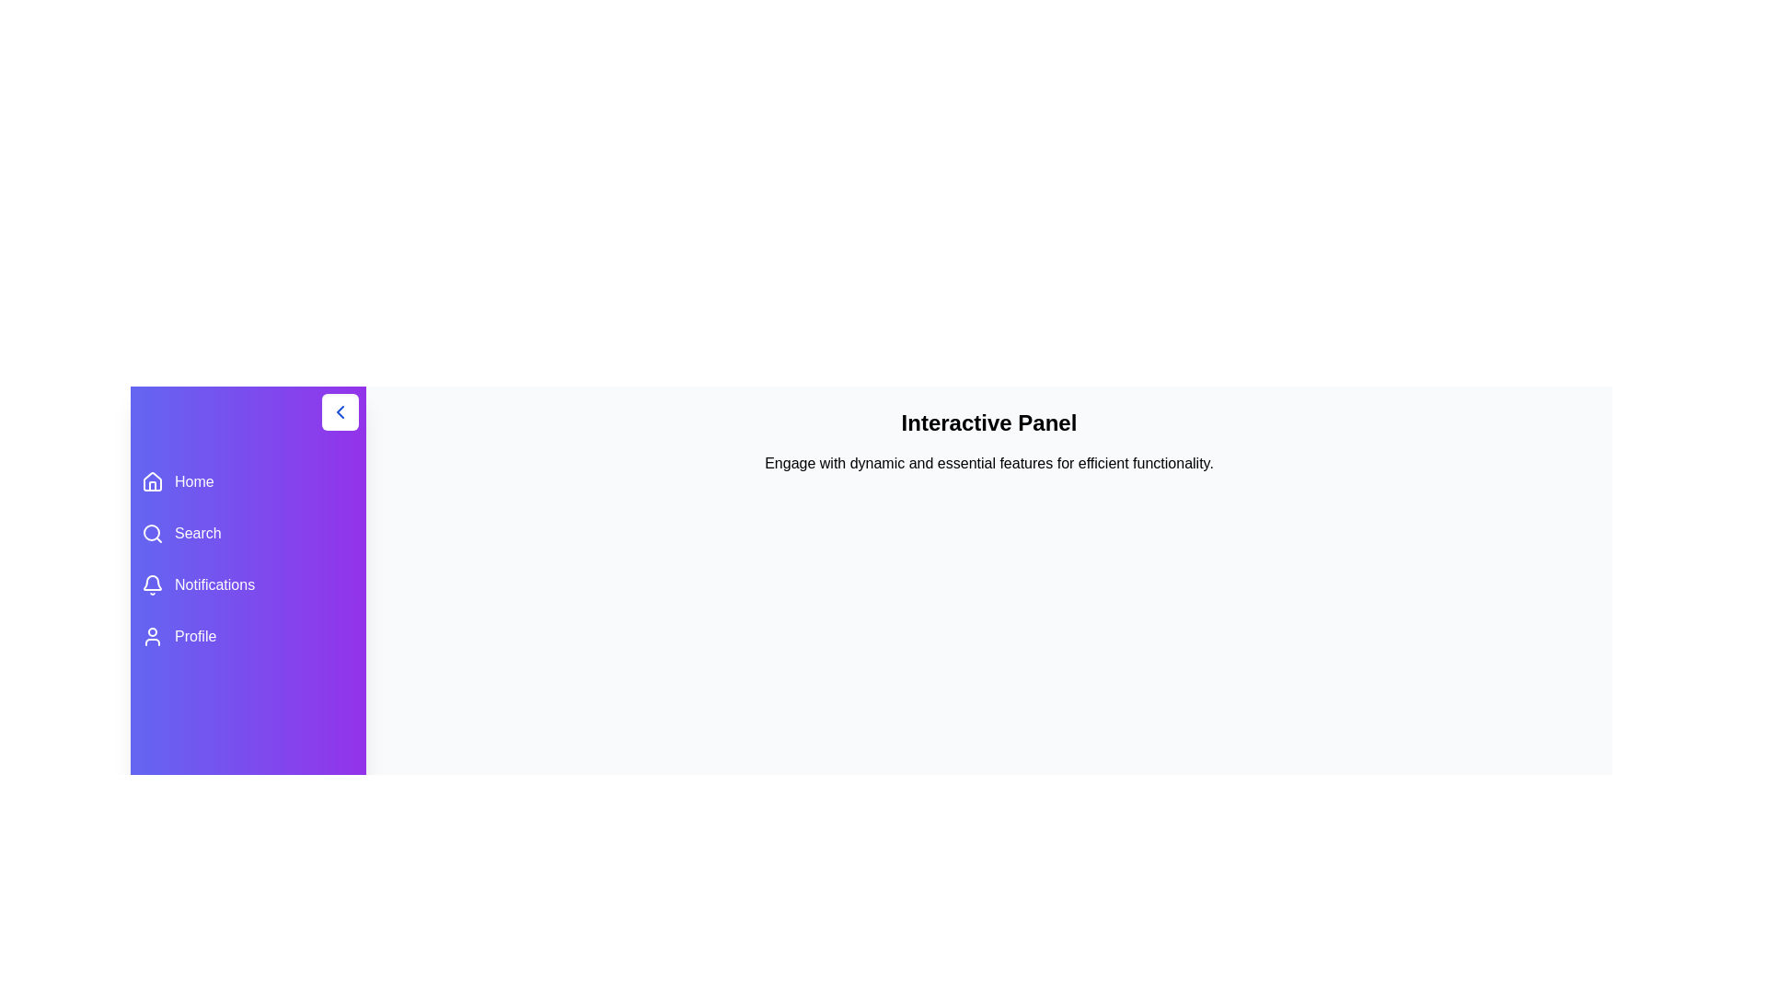  I want to click on the menu item Profile to view its hover effect, so click(247, 635).